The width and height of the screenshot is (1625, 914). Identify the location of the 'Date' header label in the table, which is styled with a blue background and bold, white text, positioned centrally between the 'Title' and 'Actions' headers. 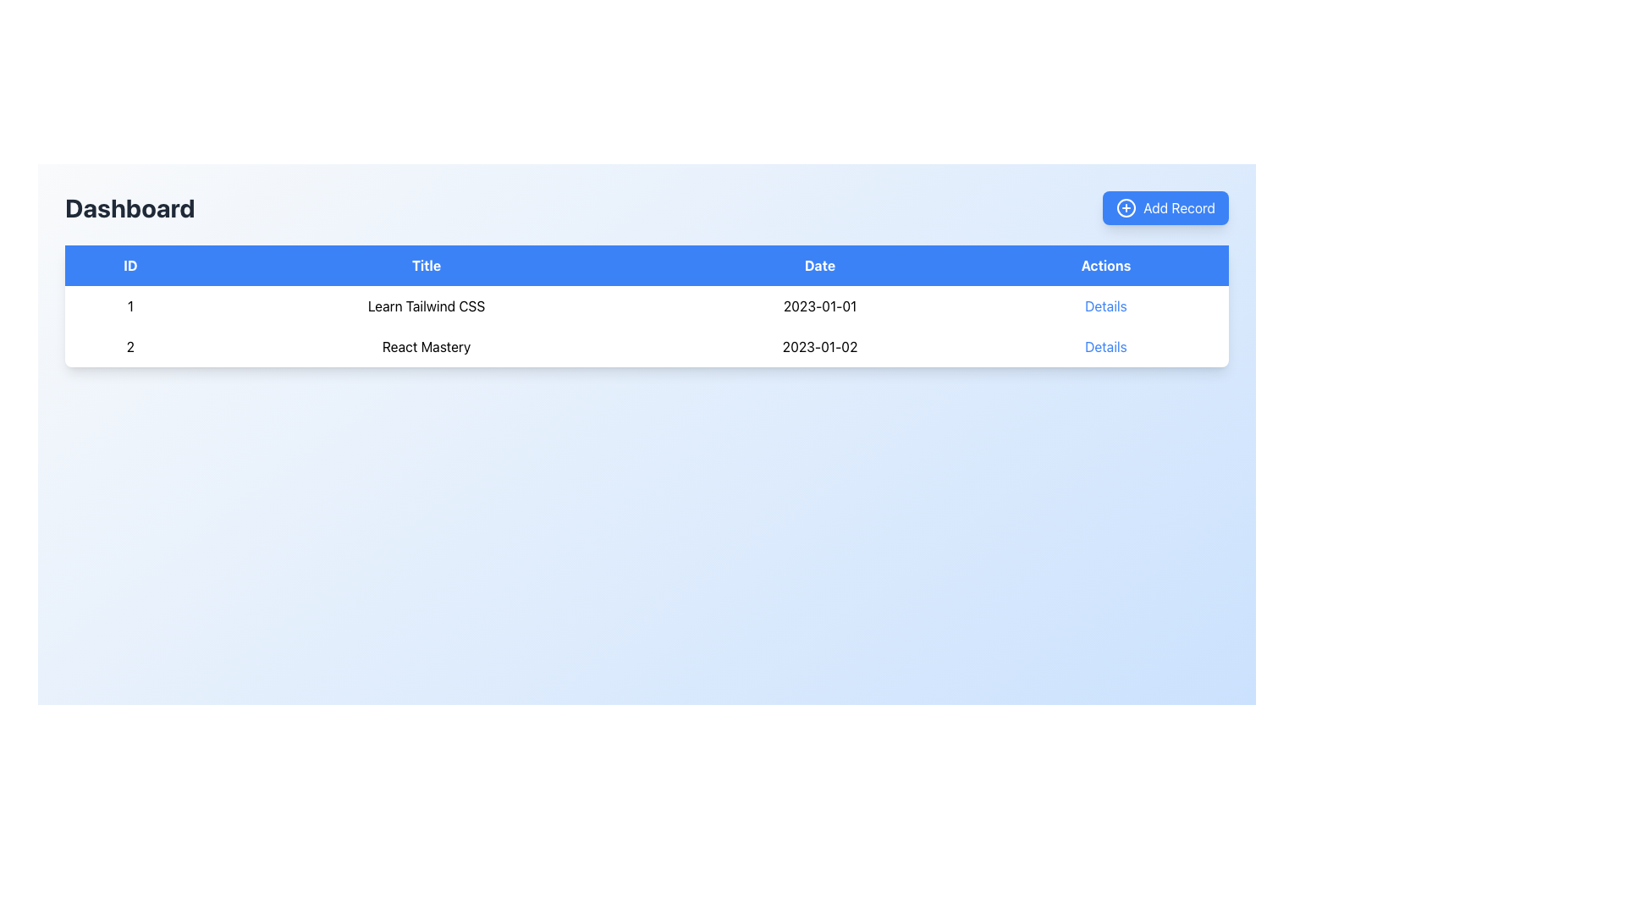
(820, 265).